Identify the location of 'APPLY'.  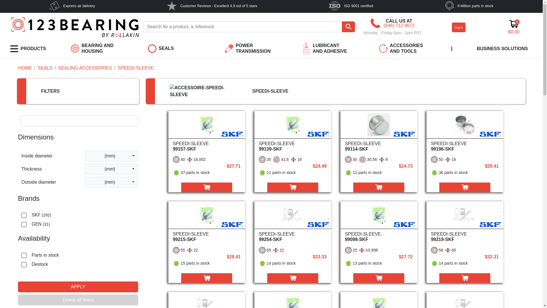
(77, 287).